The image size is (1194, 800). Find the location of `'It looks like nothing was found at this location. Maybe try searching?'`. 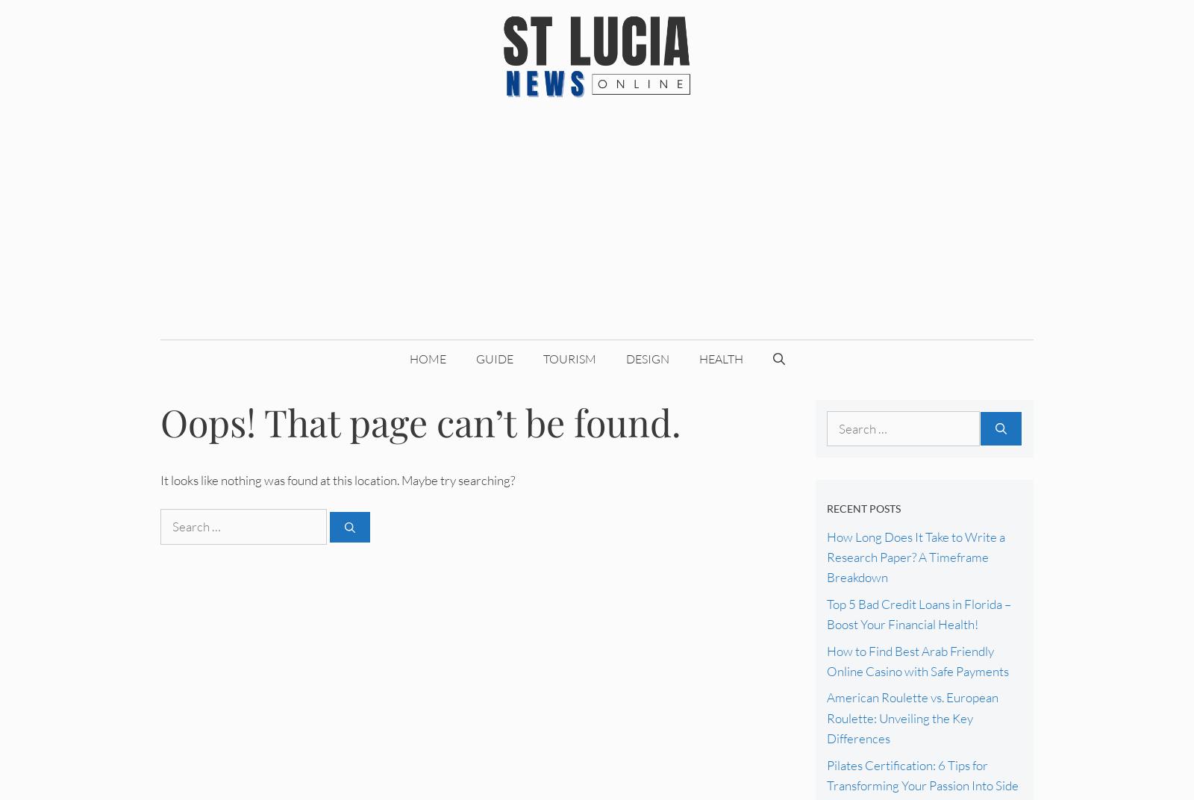

'It looks like nothing was found at this location. Maybe try searching?' is located at coordinates (337, 479).